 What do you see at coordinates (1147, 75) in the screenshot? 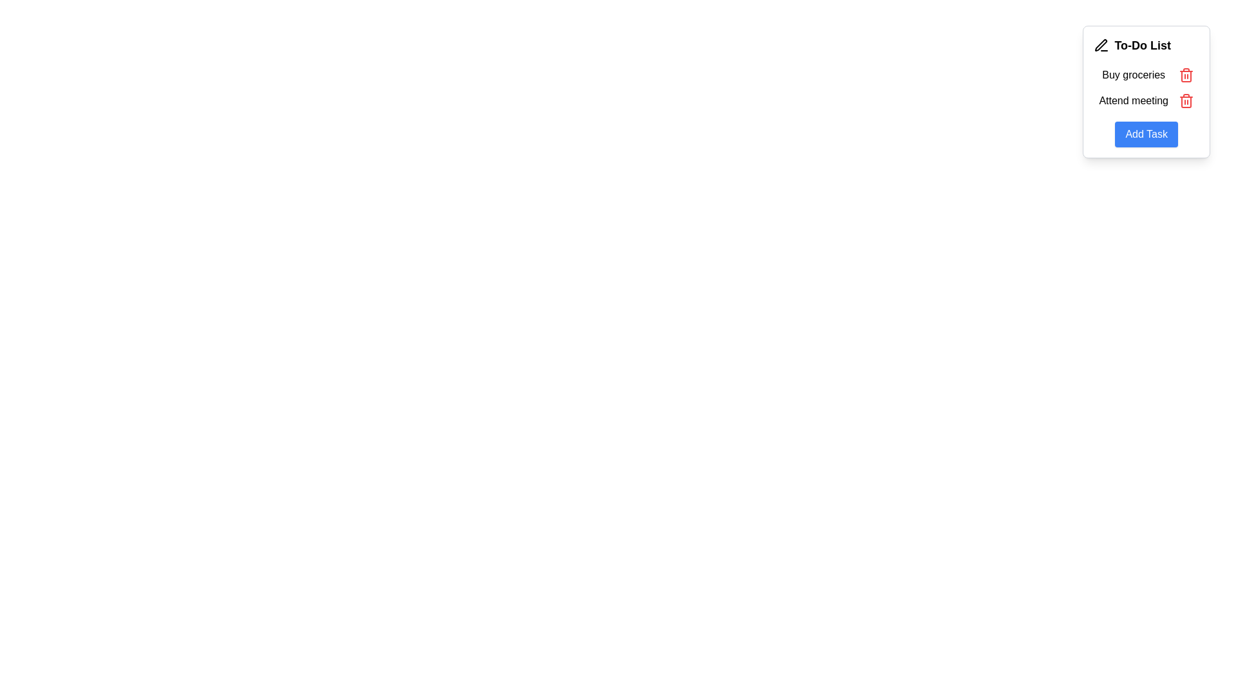
I see `the first task label in the to-do list` at bounding box center [1147, 75].